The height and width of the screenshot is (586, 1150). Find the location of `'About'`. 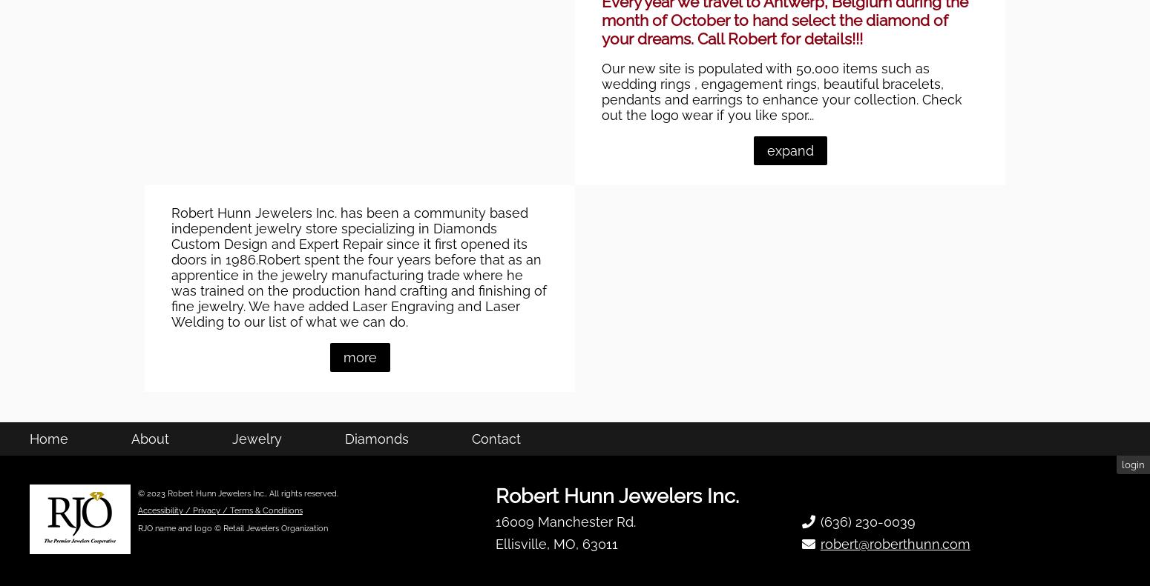

'About' is located at coordinates (131, 515).